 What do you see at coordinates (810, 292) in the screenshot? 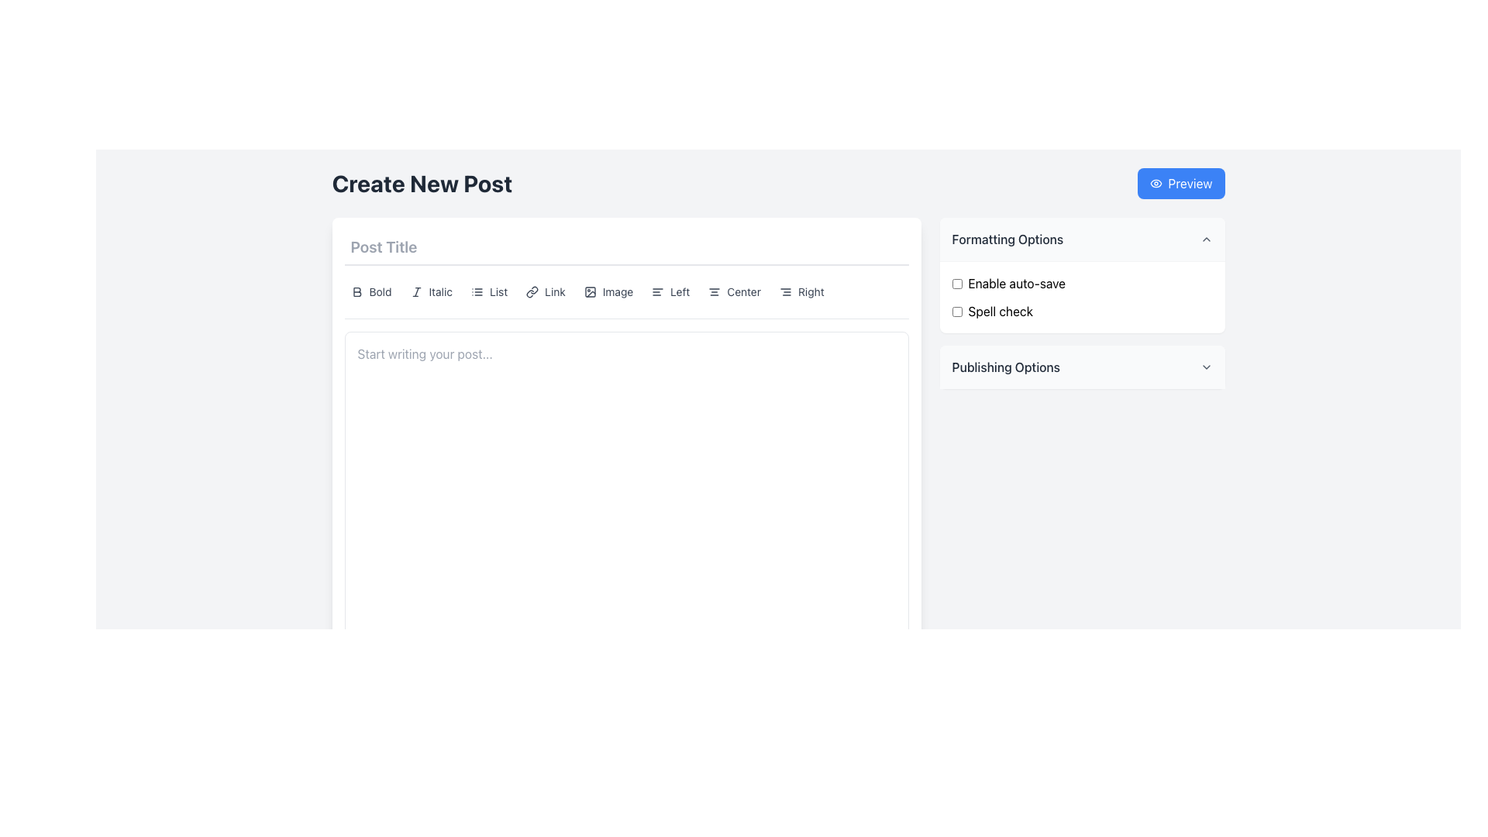
I see `the text label that displays the word 'Right', which is styled in a small gray font and is the last item in the sequence of alignment options in the post editor` at bounding box center [810, 292].